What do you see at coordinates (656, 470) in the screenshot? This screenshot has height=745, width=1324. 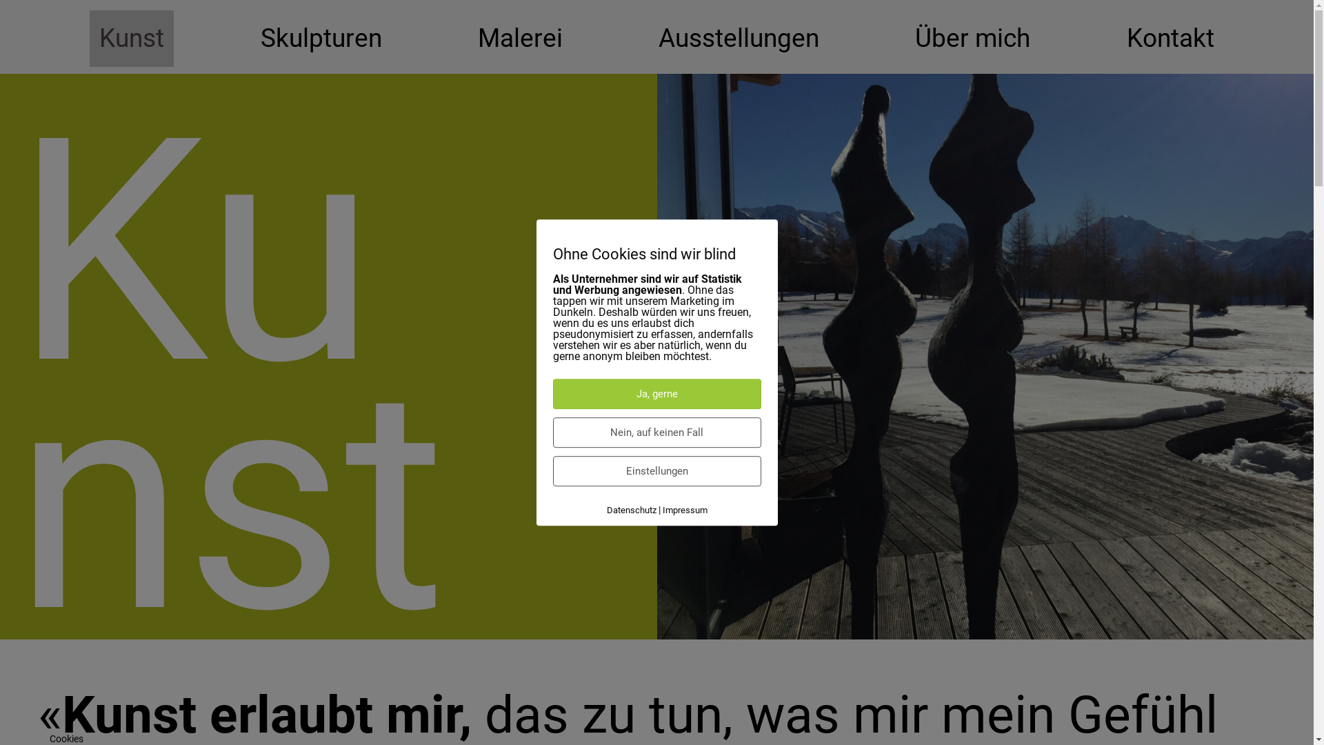 I see `'Einstellungen'` at bounding box center [656, 470].